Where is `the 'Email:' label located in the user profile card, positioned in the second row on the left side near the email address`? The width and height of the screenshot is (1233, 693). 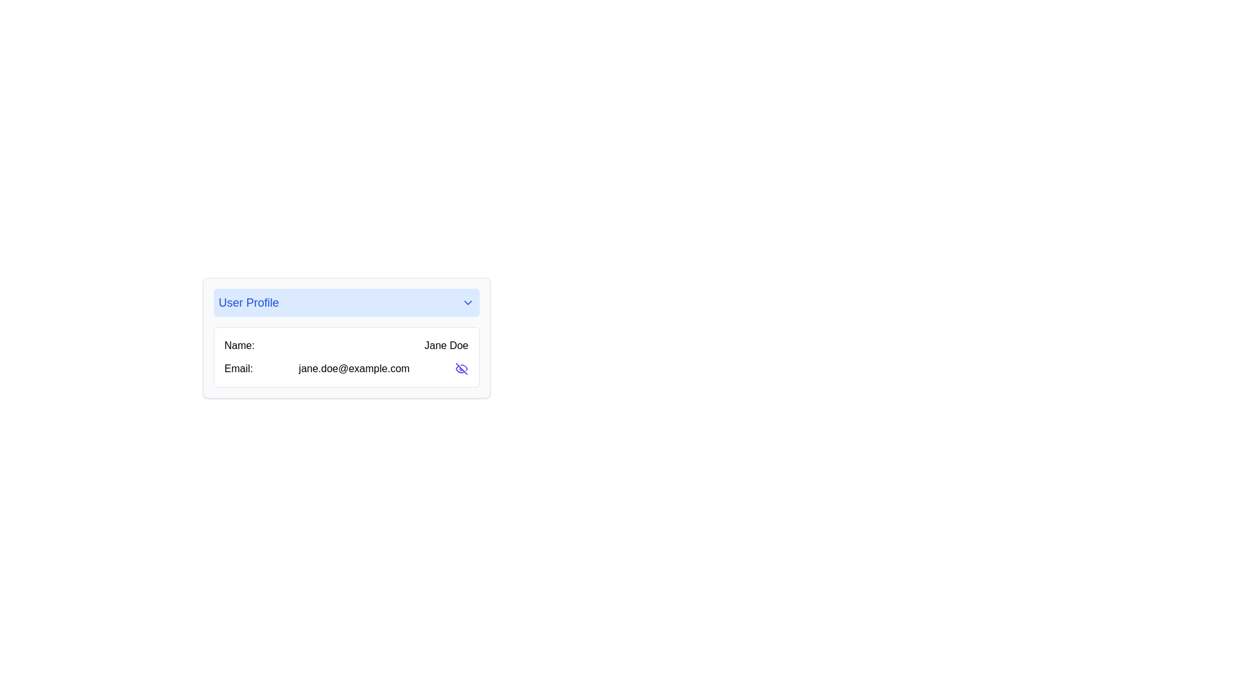
the 'Email:' label located in the user profile card, positioned in the second row on the left side near the email address is located at coordinates (238, 368).